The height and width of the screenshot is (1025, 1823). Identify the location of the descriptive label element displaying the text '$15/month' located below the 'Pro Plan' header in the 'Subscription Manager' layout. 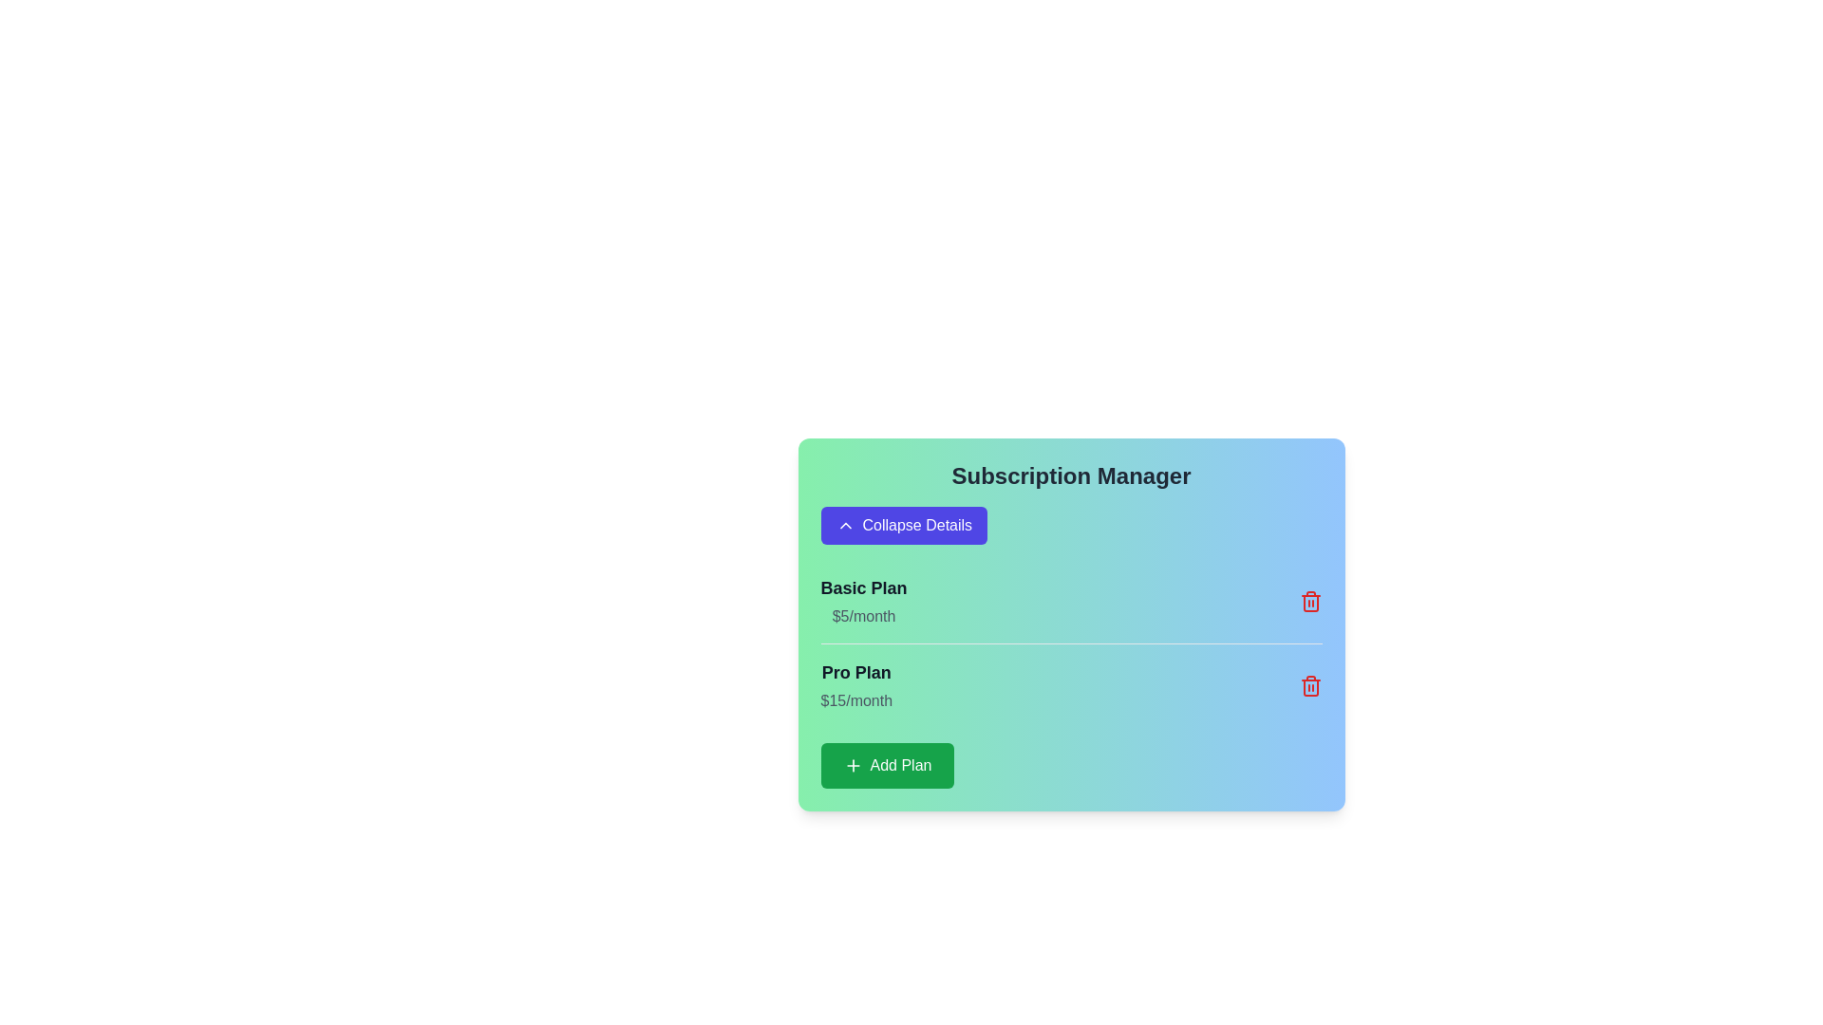
(855, 701).